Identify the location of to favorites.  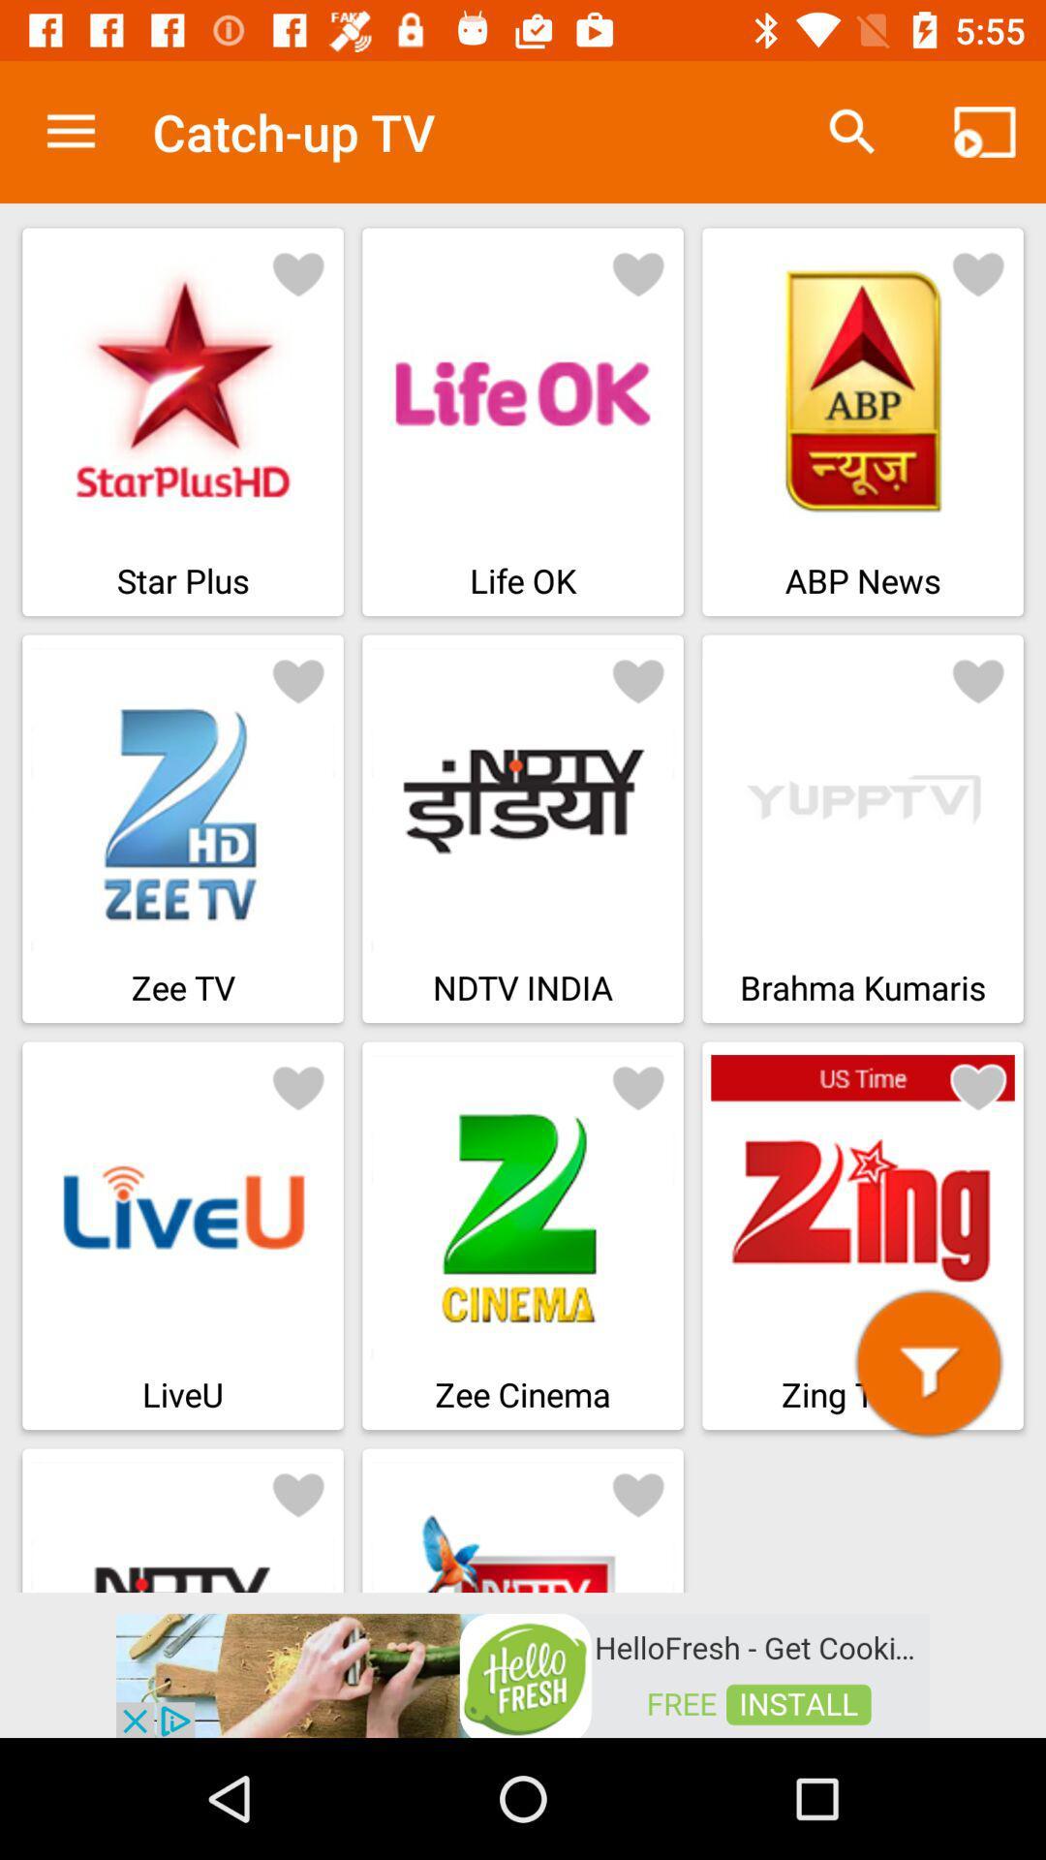
(978, 679).